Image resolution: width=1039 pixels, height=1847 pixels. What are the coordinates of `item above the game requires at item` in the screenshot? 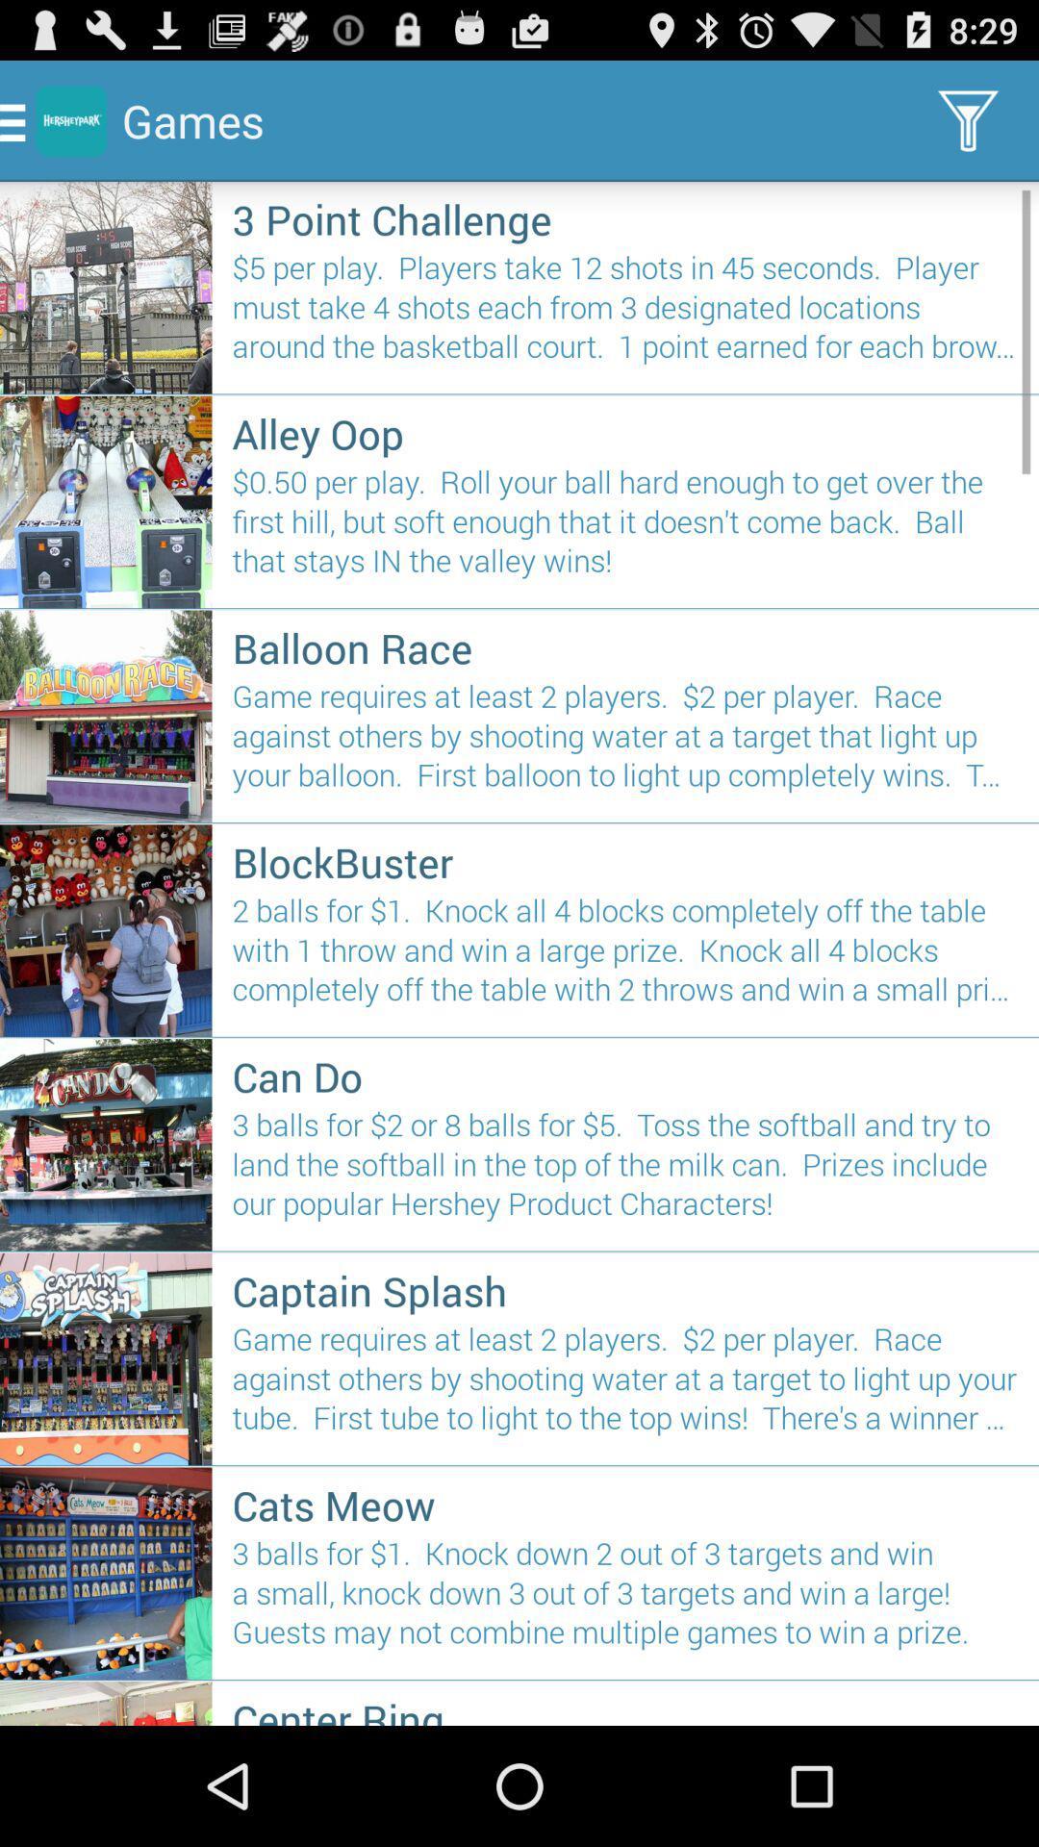 It's located at (625, 1290).